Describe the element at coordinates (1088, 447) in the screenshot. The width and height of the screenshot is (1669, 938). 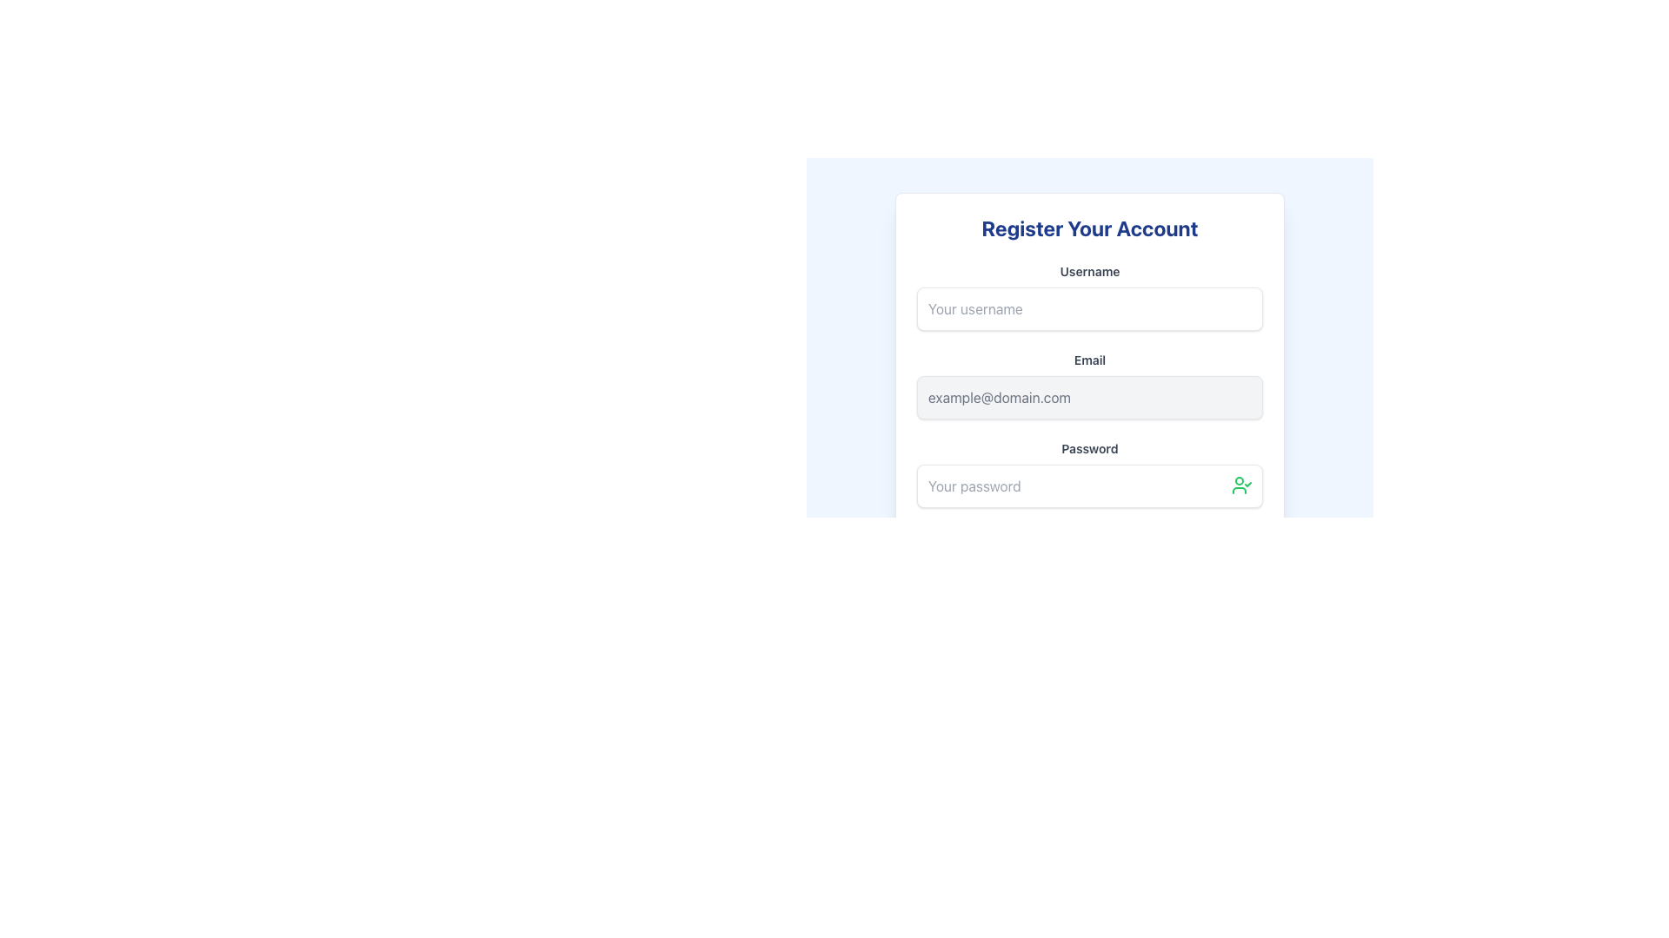
I see `the 'Password' text label, which is styled in bold gray font and positioned above the password input area` at that location.